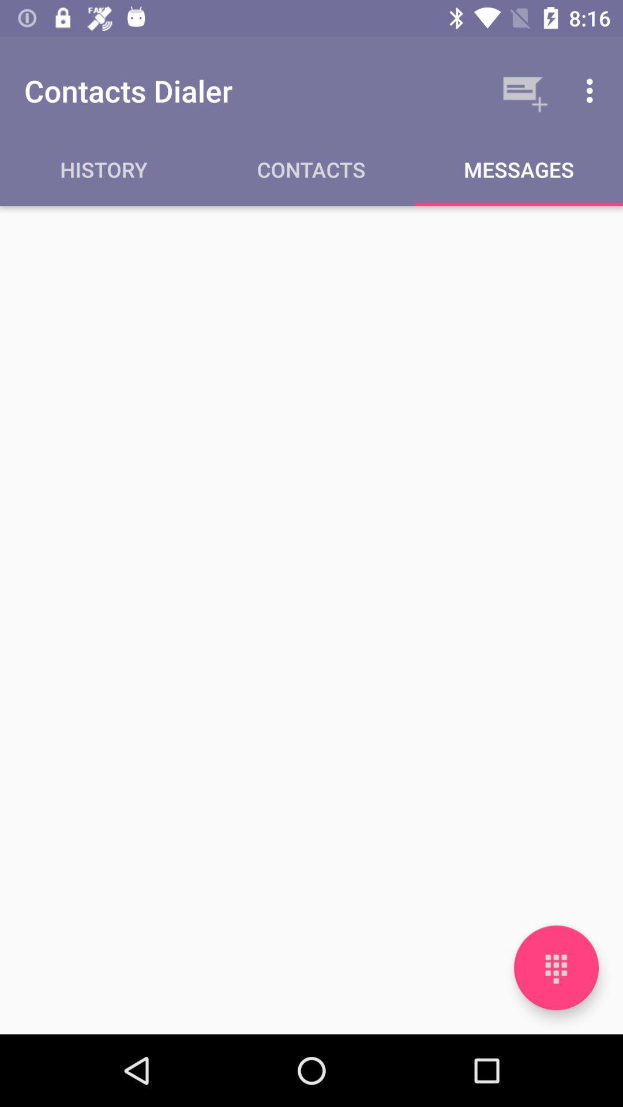  Describe the element at coordinates (592, 90) in the screenshot. I see `item above the messages` at that location.